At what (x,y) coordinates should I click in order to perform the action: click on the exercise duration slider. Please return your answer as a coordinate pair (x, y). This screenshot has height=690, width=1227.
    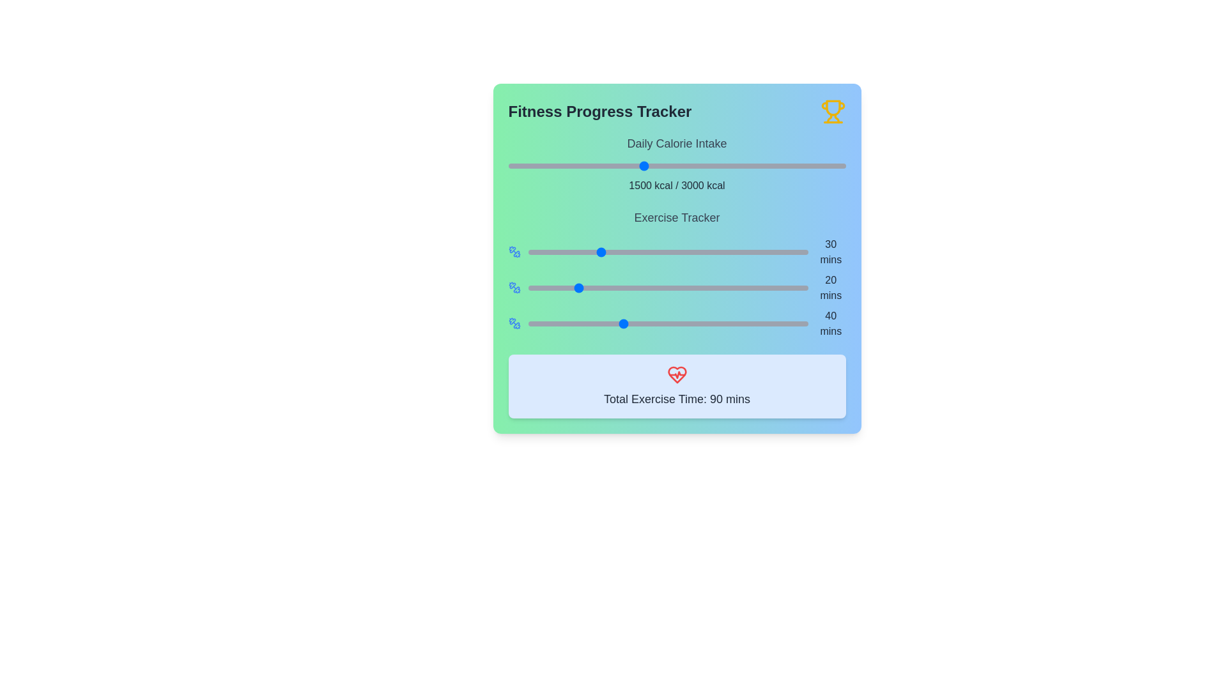
    Looking at the image, I should click on (537, 288).